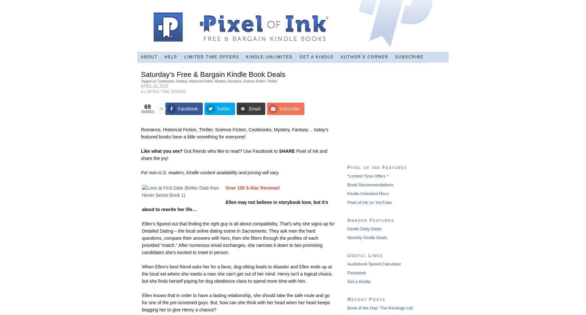  I want to click on 'Book of the Day: The Revenge List', so click(347, 307).